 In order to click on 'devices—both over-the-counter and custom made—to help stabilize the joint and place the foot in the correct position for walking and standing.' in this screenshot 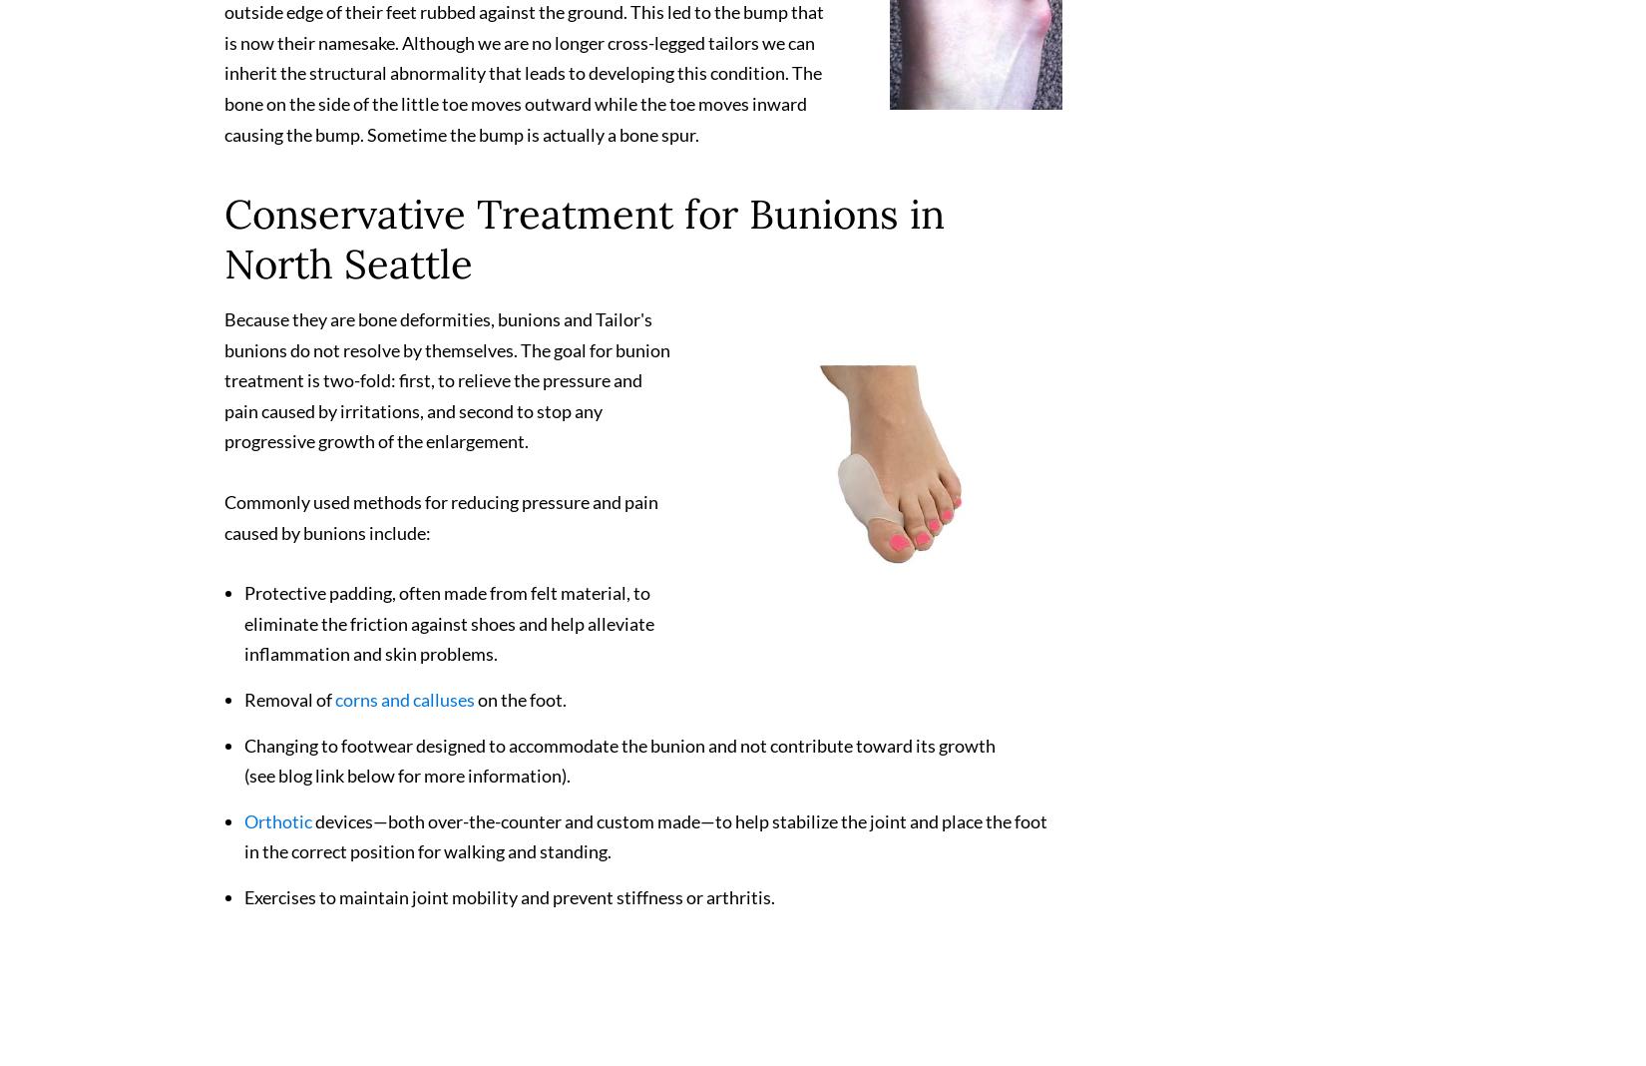, I will do `click(244, 843)`.